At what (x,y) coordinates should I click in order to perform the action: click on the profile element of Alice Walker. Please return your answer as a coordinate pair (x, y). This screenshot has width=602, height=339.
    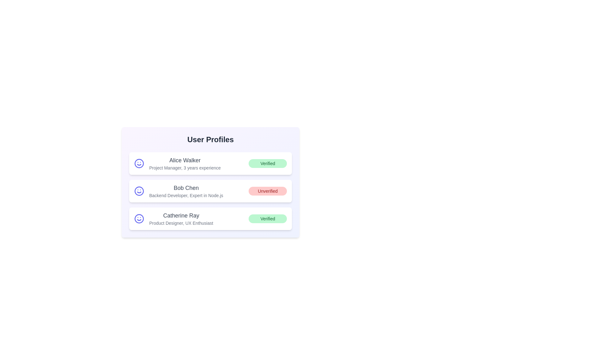
    Looking at the image, I should click on (210, 163).